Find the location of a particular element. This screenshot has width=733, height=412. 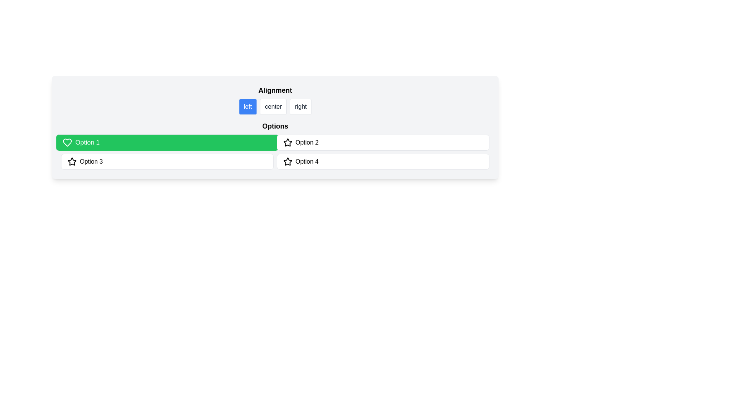

the heart-shaped icon outlined in stroke style, located to the left of the 'Option 1' text label in the green button, to interact with it is located at coordinates (67, 143).